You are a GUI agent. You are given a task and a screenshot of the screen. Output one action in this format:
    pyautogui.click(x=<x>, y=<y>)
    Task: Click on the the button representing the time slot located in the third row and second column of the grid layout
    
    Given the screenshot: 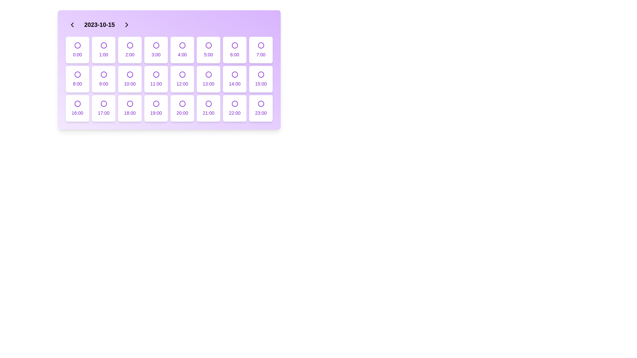 What is the action you would take?
    pyautogui.click(x=103, y=79)
    